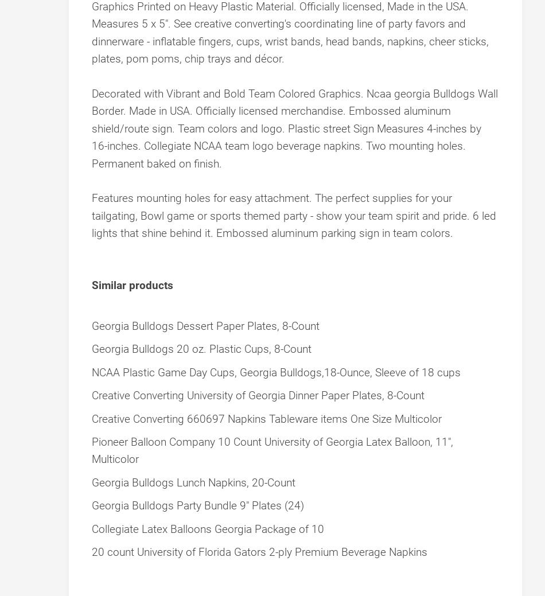 The height and width of the screenshot is (596, 545). Describe the element at coordinates (258, 395) in the screenshot. I see `'Creative Converting University of Georgia Dinner Paper Plates, 8-Count'` at that location.